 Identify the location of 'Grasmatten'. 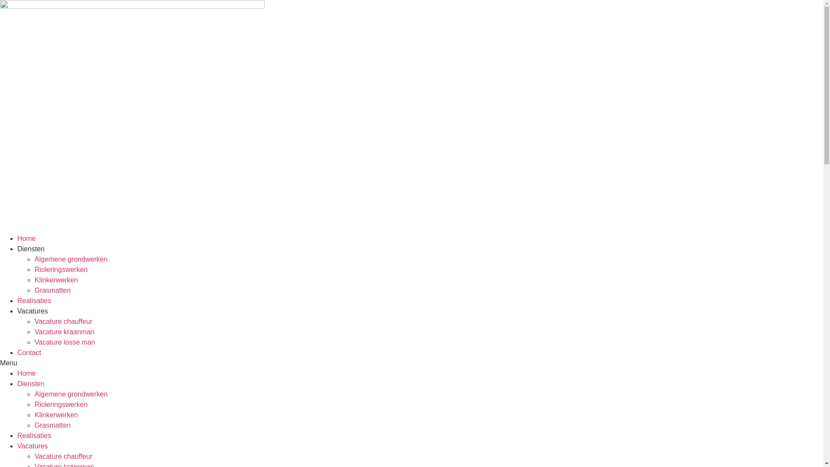
(52, 425).